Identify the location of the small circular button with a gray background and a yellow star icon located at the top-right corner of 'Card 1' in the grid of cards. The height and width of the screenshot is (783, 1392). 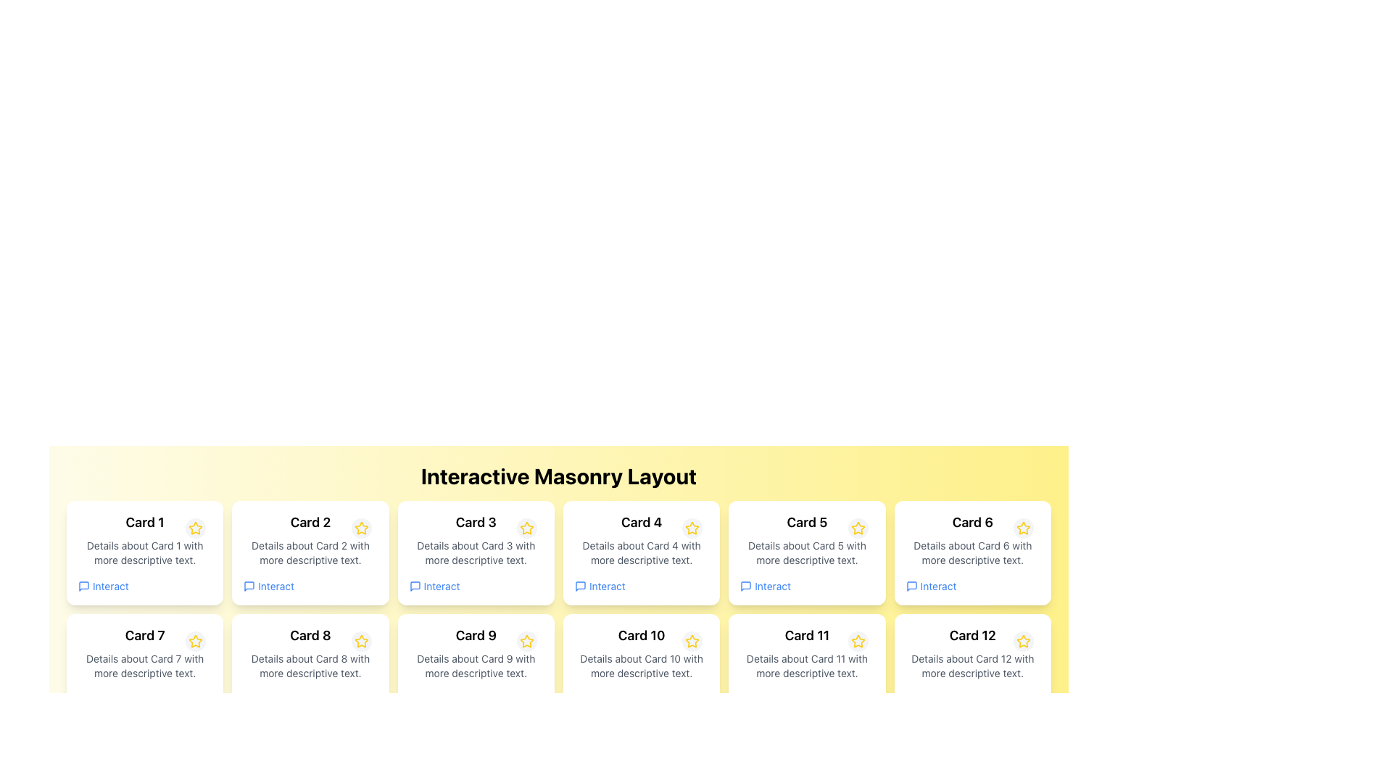
(195, 529).